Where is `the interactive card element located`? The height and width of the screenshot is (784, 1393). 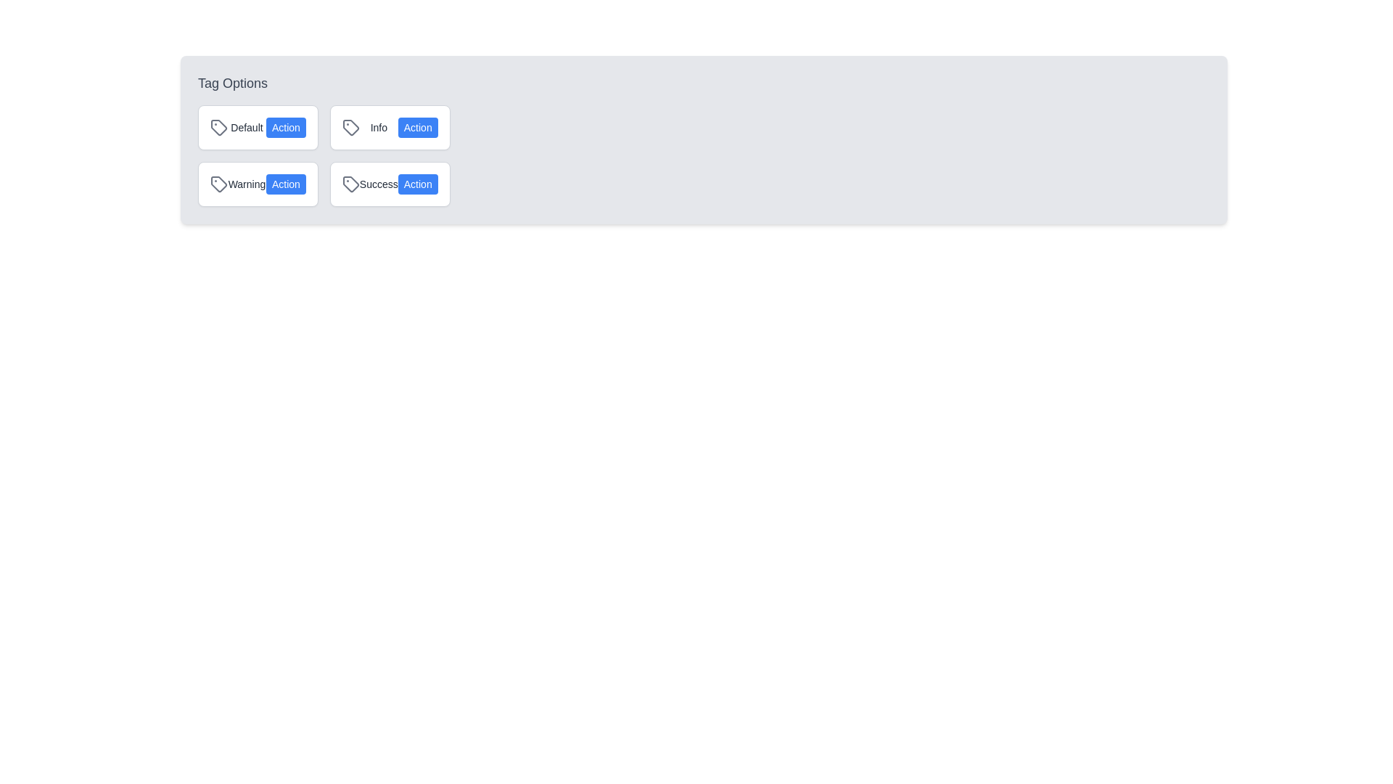 the interactive card element located is located at coordinates (258, 127).